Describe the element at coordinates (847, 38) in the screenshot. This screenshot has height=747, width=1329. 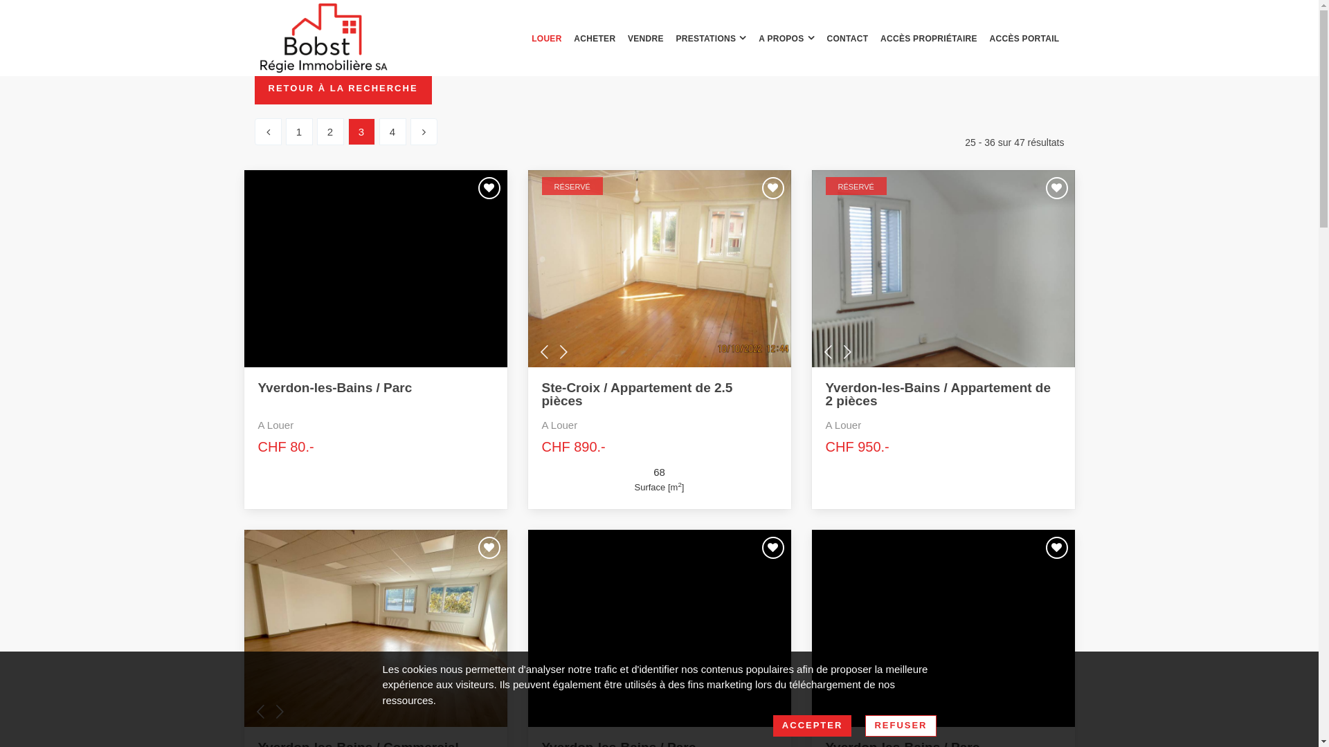
I see `'CONTACT'` at that location.